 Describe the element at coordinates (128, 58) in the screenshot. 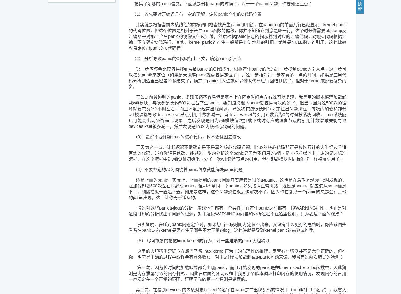

I see `'（2） 分析导致panic的C代码行上下文，确定panic引入点'` at that location.